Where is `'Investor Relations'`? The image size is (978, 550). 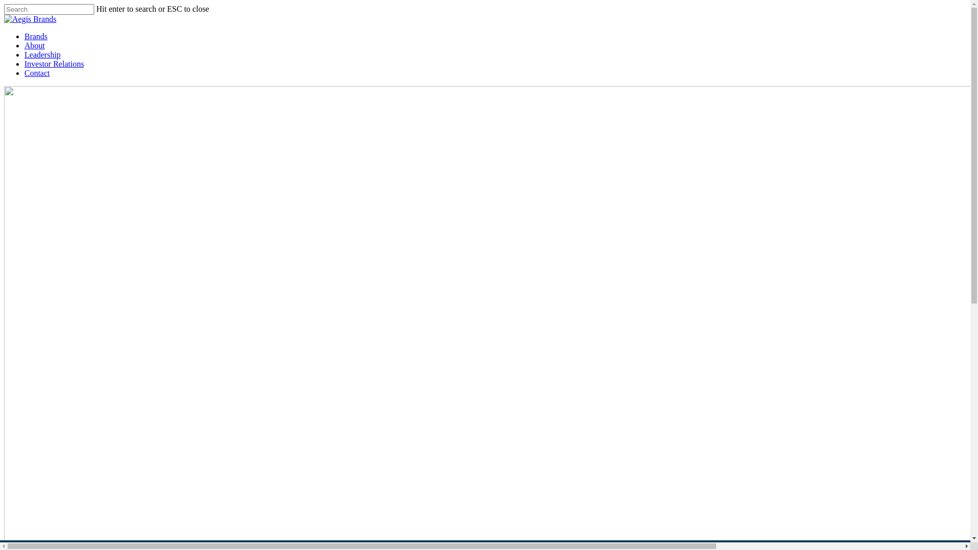 'Investor Relations' is located at coordinates (53, 64).